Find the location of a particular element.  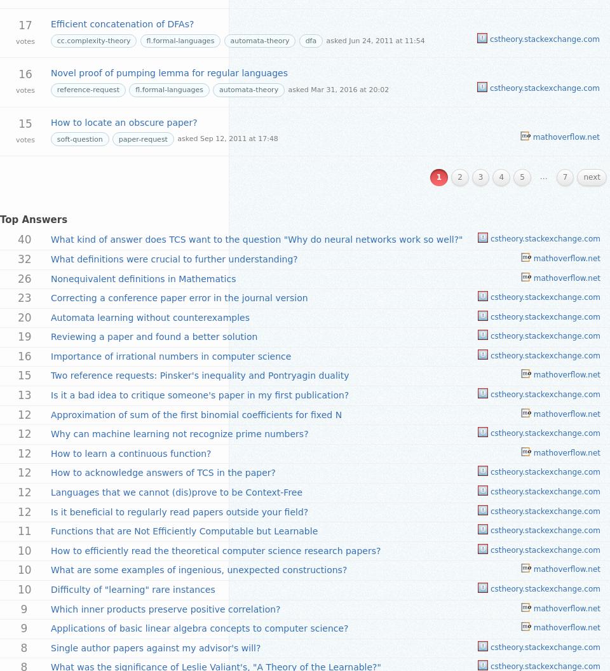

'What kind of answer does TCS want to the question "Why do neural networks work so well?"' is located at coordinates (50, 238).